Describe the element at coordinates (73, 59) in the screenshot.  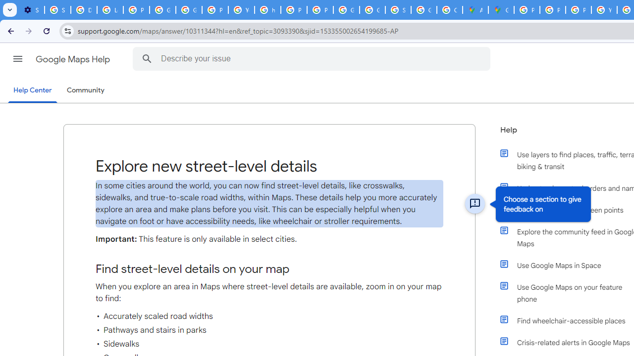
I see `'Google Maps Help'` at that location.